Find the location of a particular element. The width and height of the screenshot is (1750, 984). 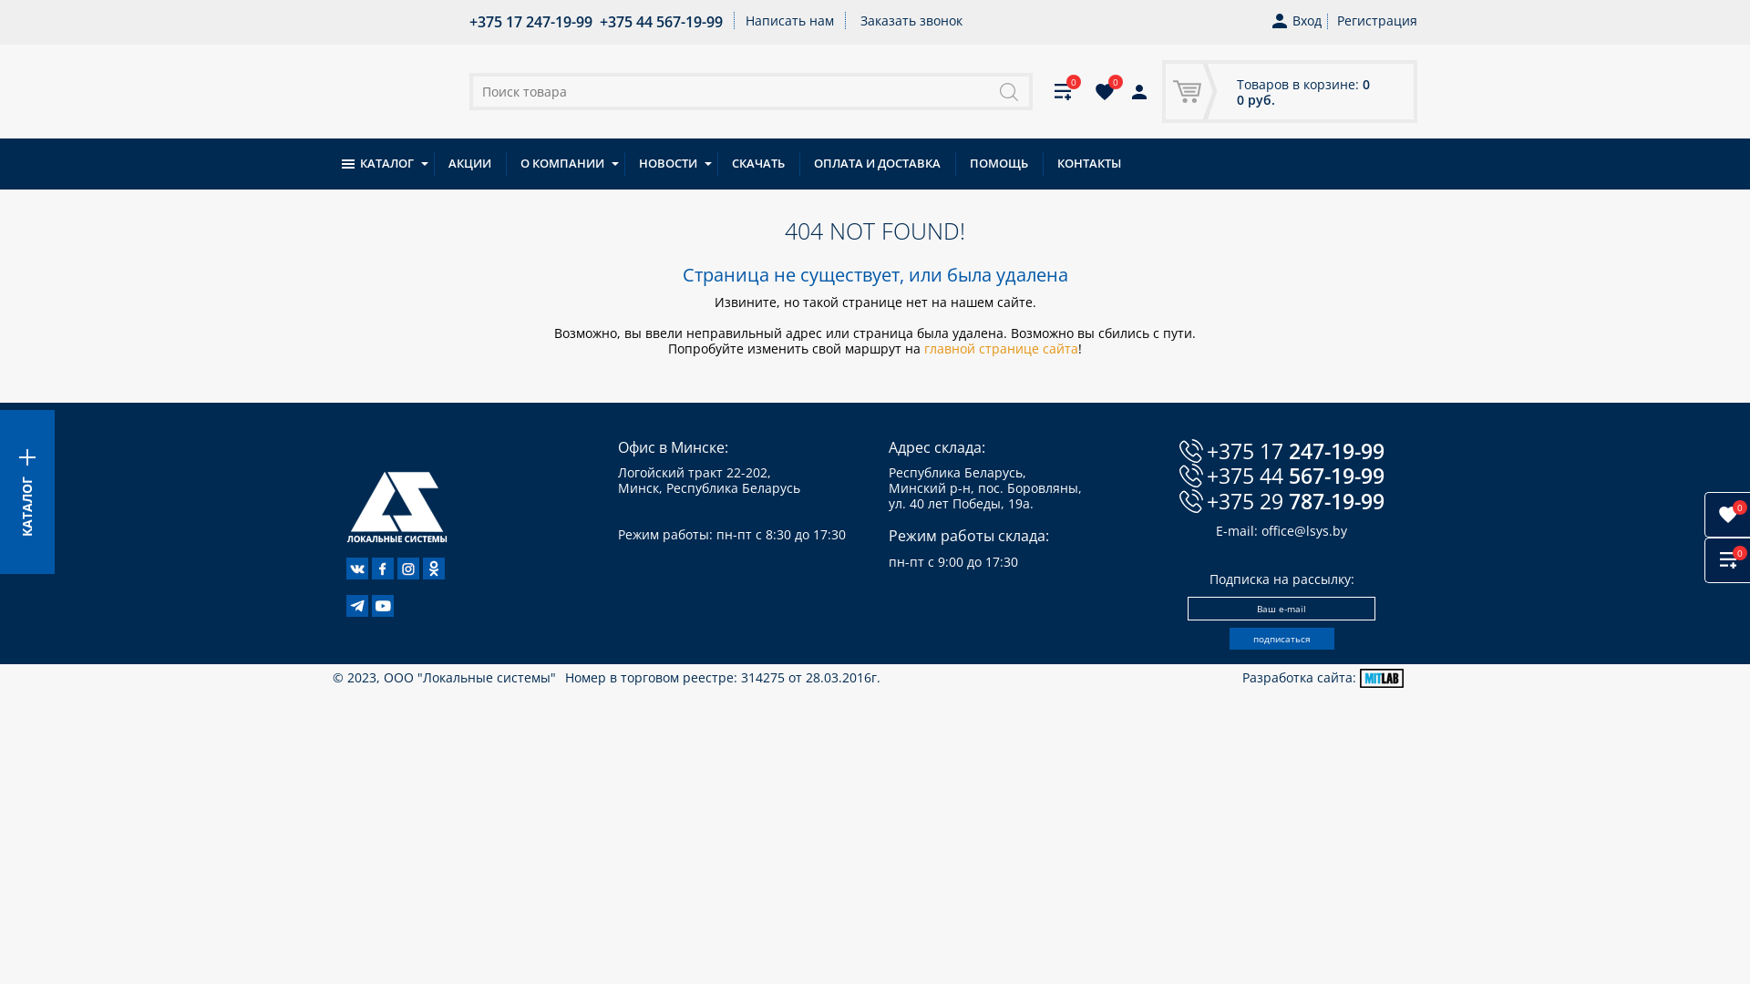

'+375 44 567-19-99' is located at coordinates (660, 21).